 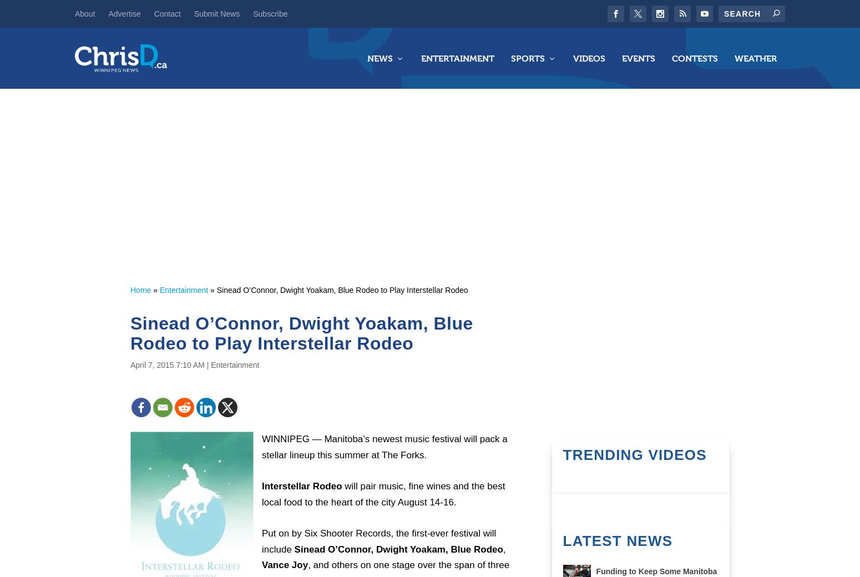 I want to click on 'WINNIPEG — Manitoba’s newest music festival will pack a stellar lineup this summer at The Forks.', so click(x=384, y=446).